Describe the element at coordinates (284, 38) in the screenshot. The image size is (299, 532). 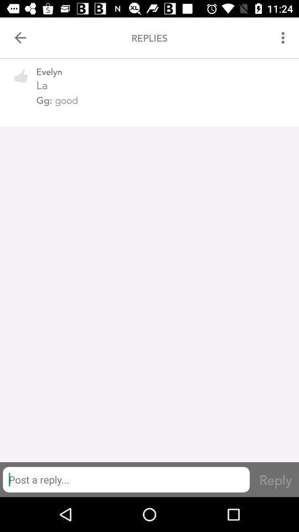
I see `item to the right of replies` at that location.